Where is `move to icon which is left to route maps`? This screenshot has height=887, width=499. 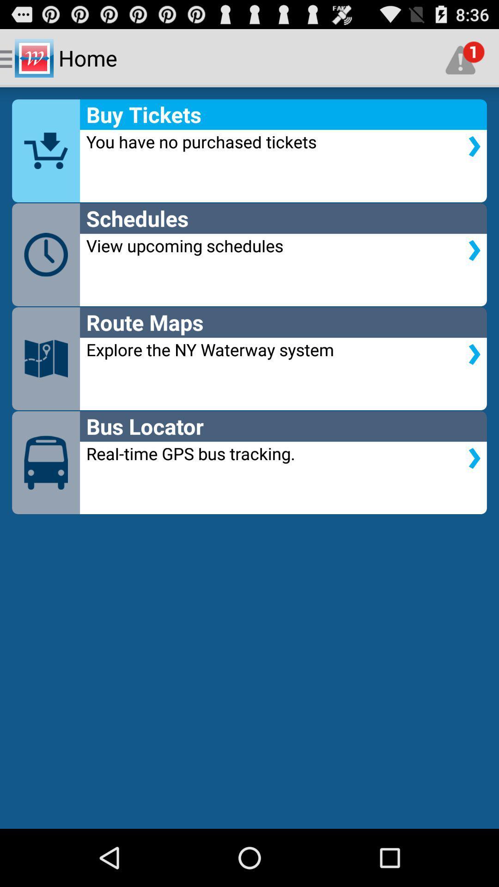 move to icon which is left to route maps is located at coordinates (46, 358).